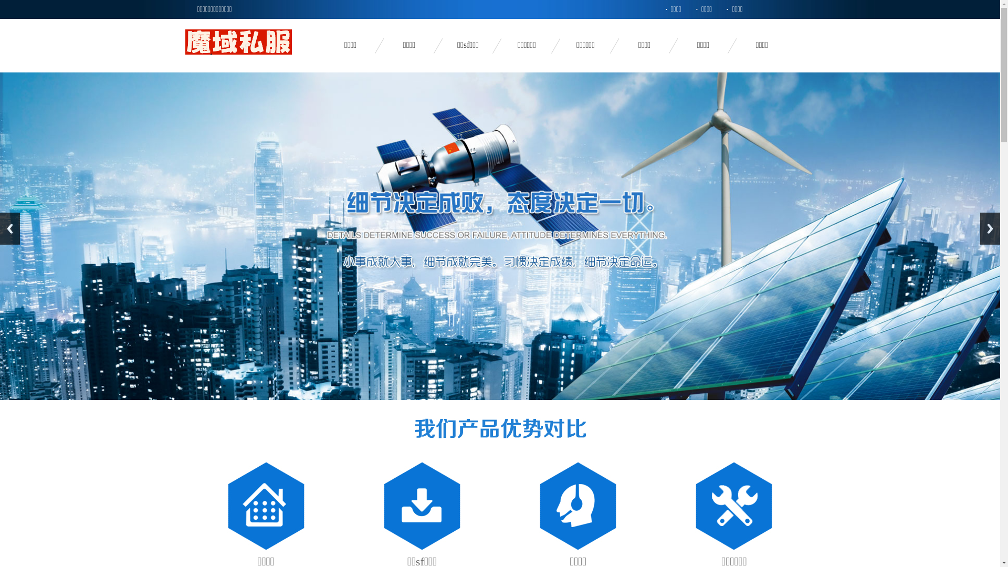  Describe the element at coordinates (980, 228) in the screenshot. I see `'Next'` at that location.